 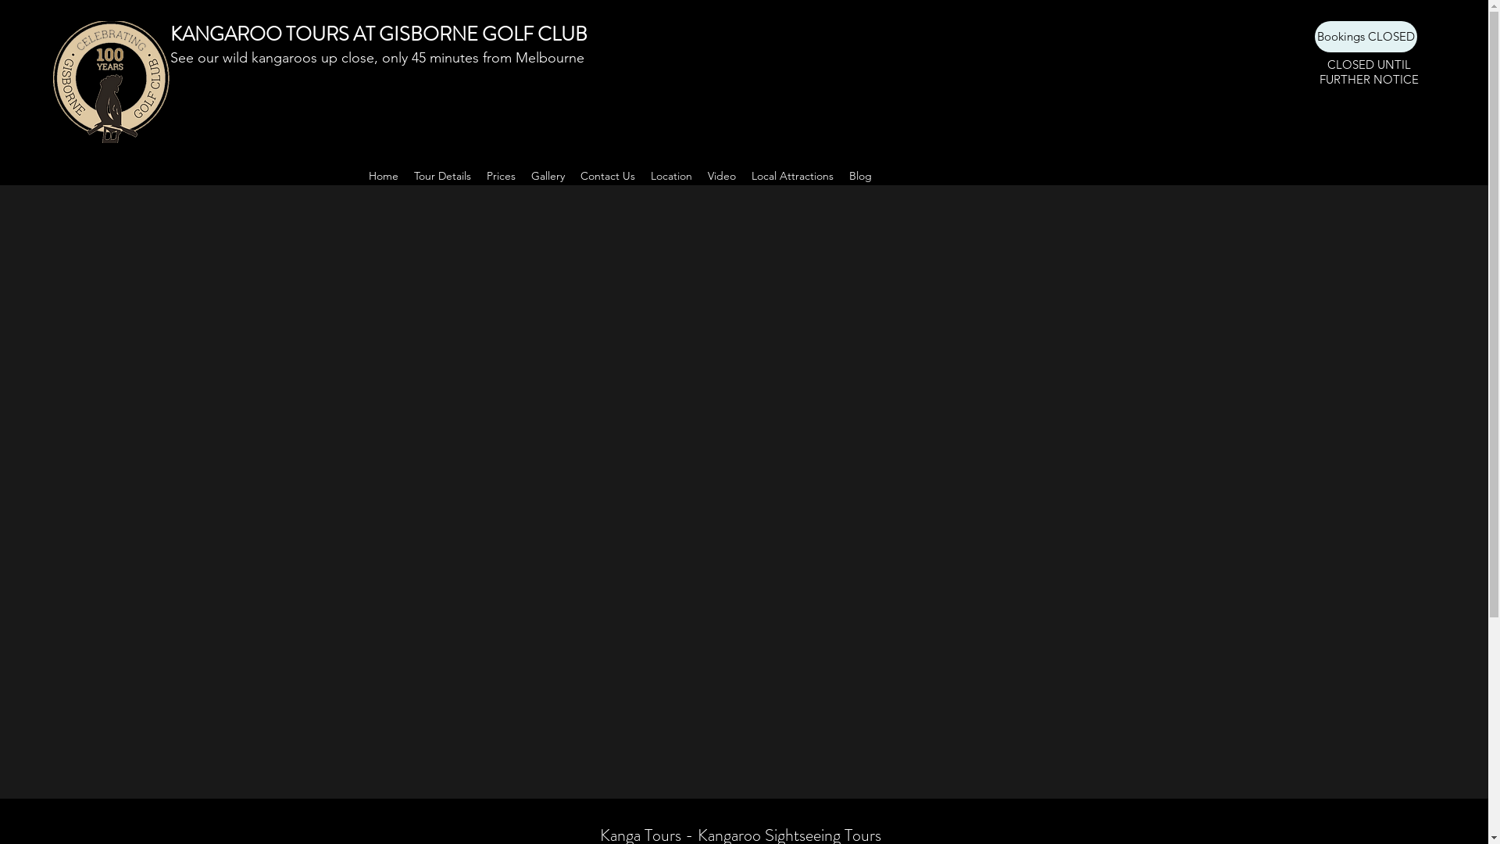 I want to click on 'Local Attractions', so click(x=792, y=175).